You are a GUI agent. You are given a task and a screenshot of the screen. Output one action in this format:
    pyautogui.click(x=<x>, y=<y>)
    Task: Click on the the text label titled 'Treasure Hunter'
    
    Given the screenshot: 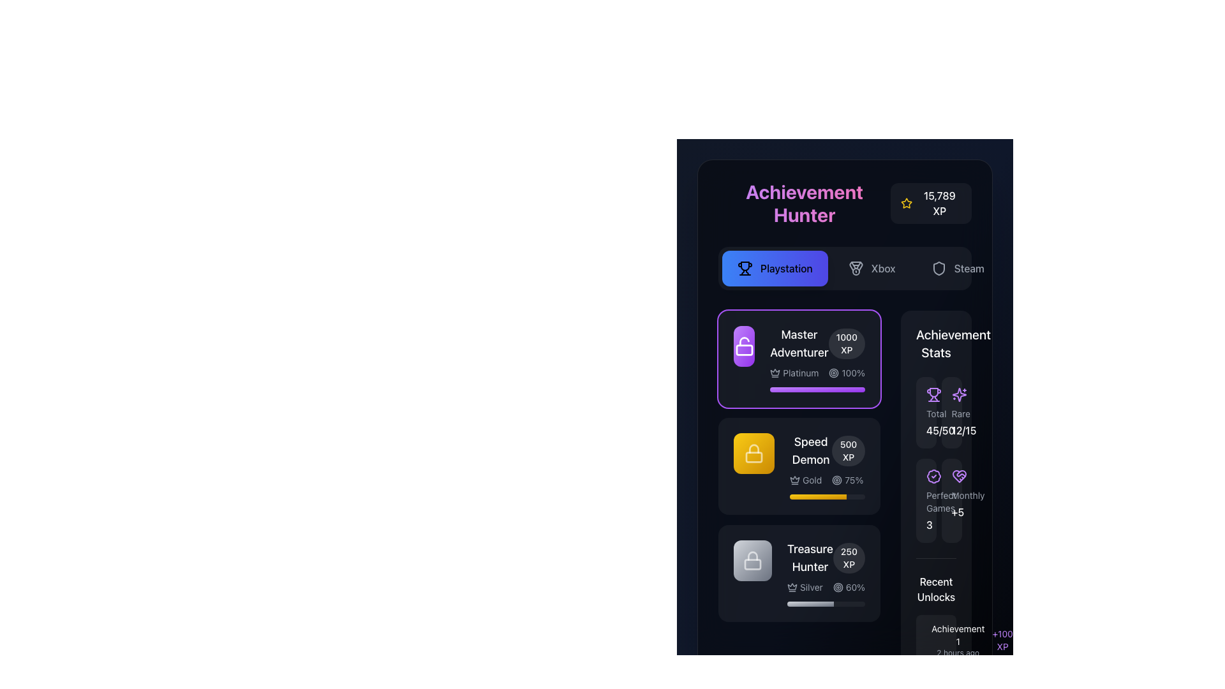 What is the action you would take?
    pyautogui.click(x=809, y=558)
    